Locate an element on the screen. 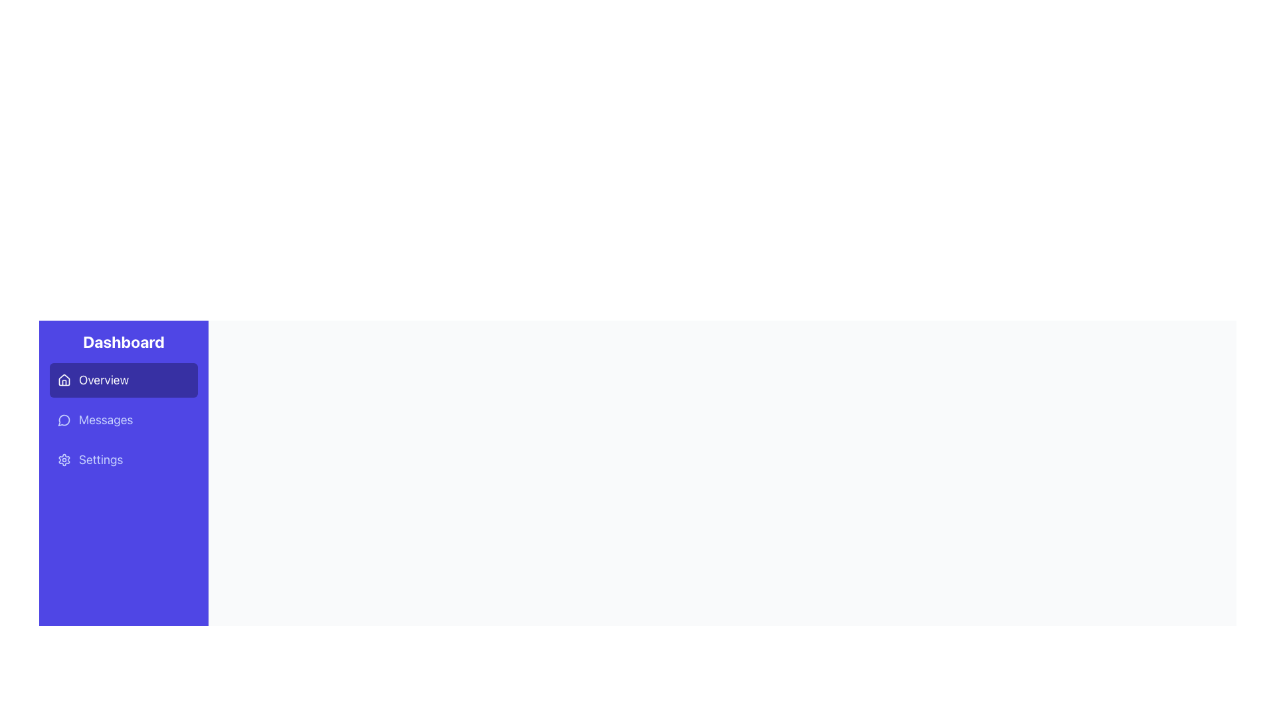  the small circular icon resembling a message bubble with a blue background and a white stroke, located to the left of the 'Messages' label is located at coordinates (63, 420).